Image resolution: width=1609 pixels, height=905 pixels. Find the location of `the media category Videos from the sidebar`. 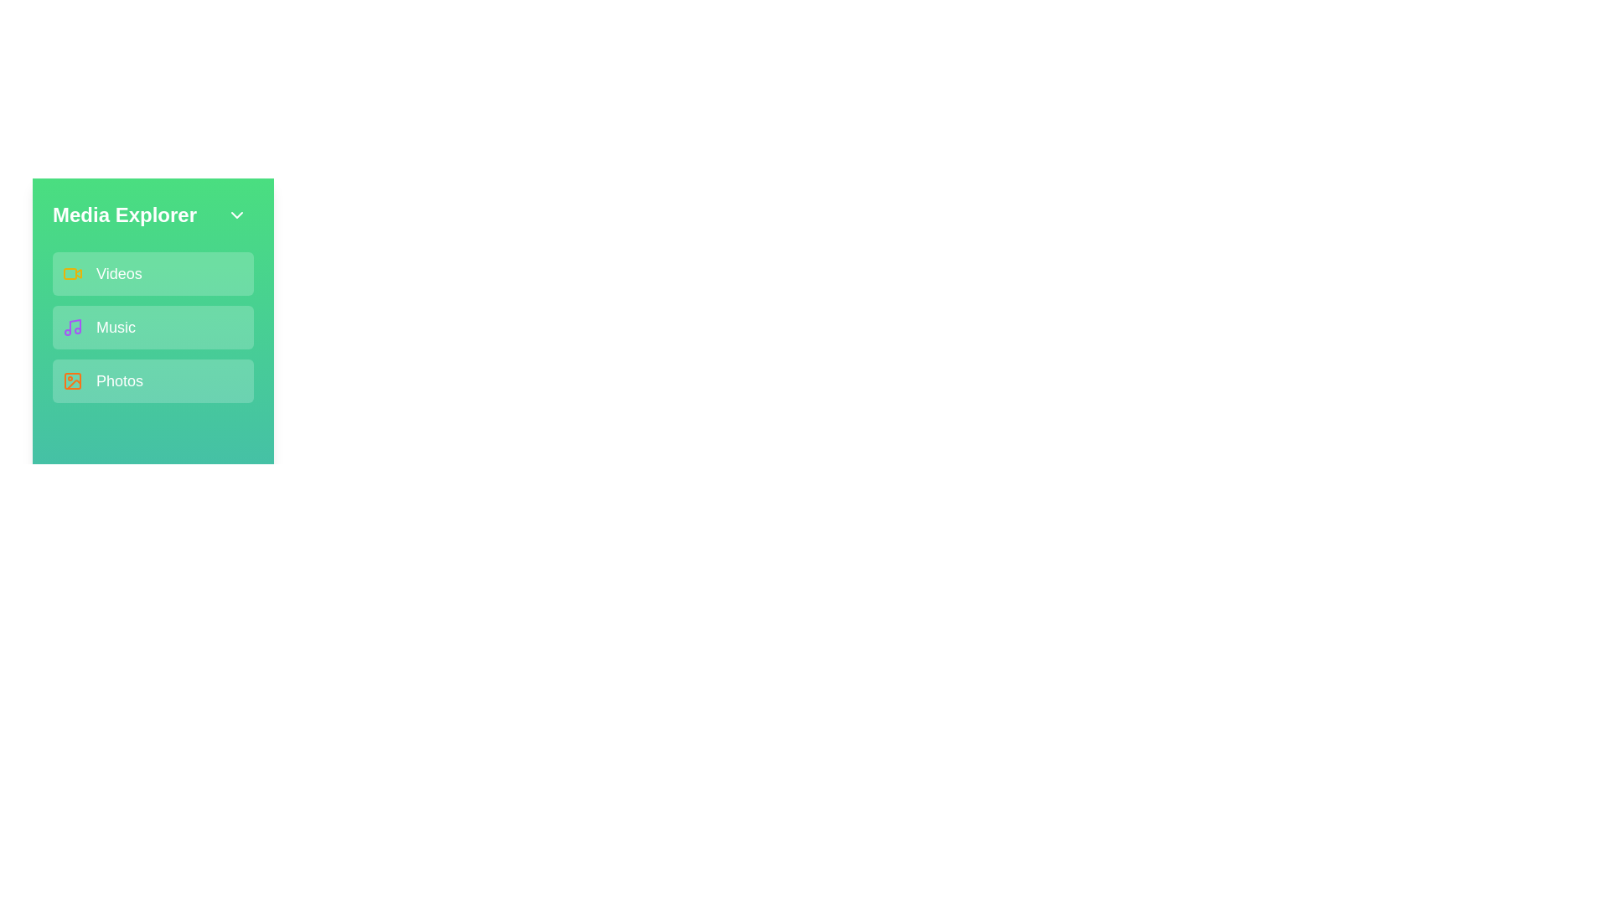

the media category Videos from the sidebar is located at coordinates (153, 273).